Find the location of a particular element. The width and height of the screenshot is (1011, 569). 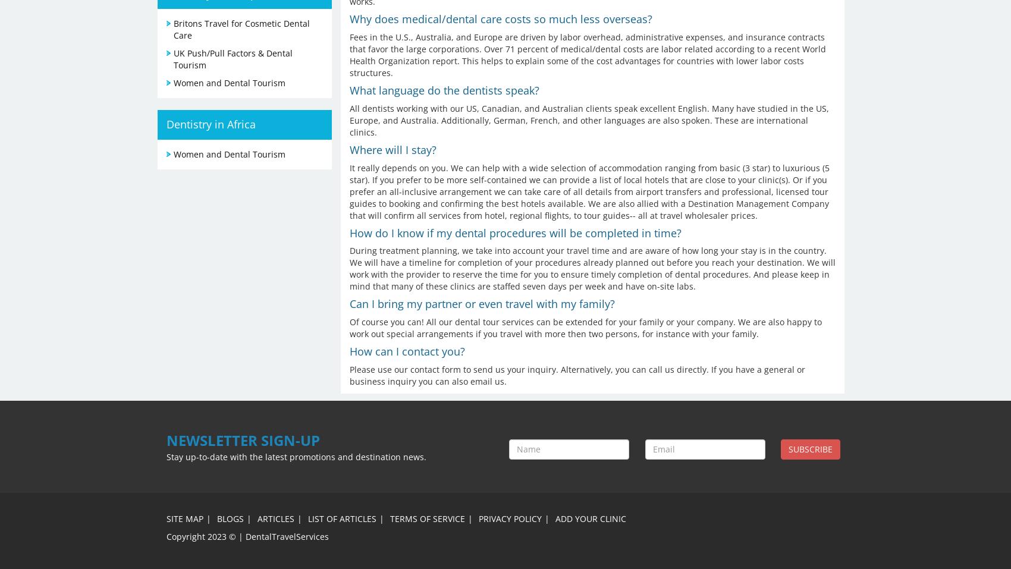

'Add Your Clinic' is located at coordinates (555, 518).